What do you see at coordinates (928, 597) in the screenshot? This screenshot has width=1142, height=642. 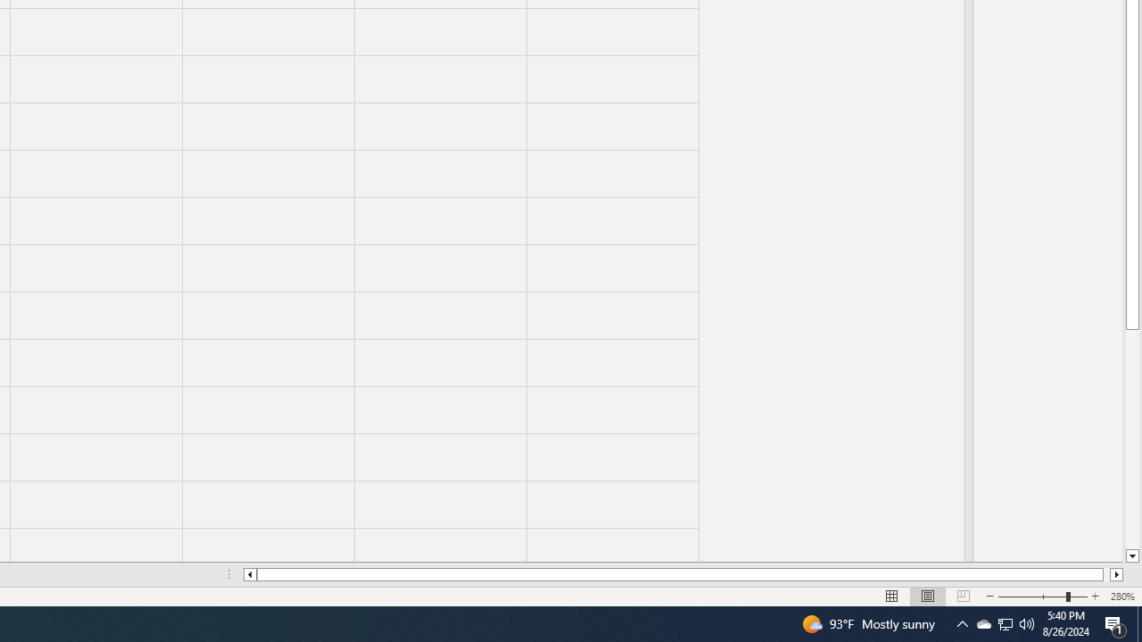 I see `'Page Layout'` at bounding box center [928, 597].